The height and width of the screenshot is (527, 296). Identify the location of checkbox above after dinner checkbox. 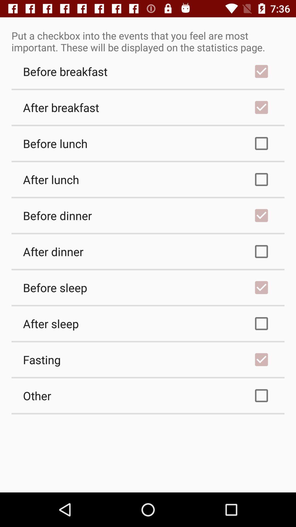
(148, 215).